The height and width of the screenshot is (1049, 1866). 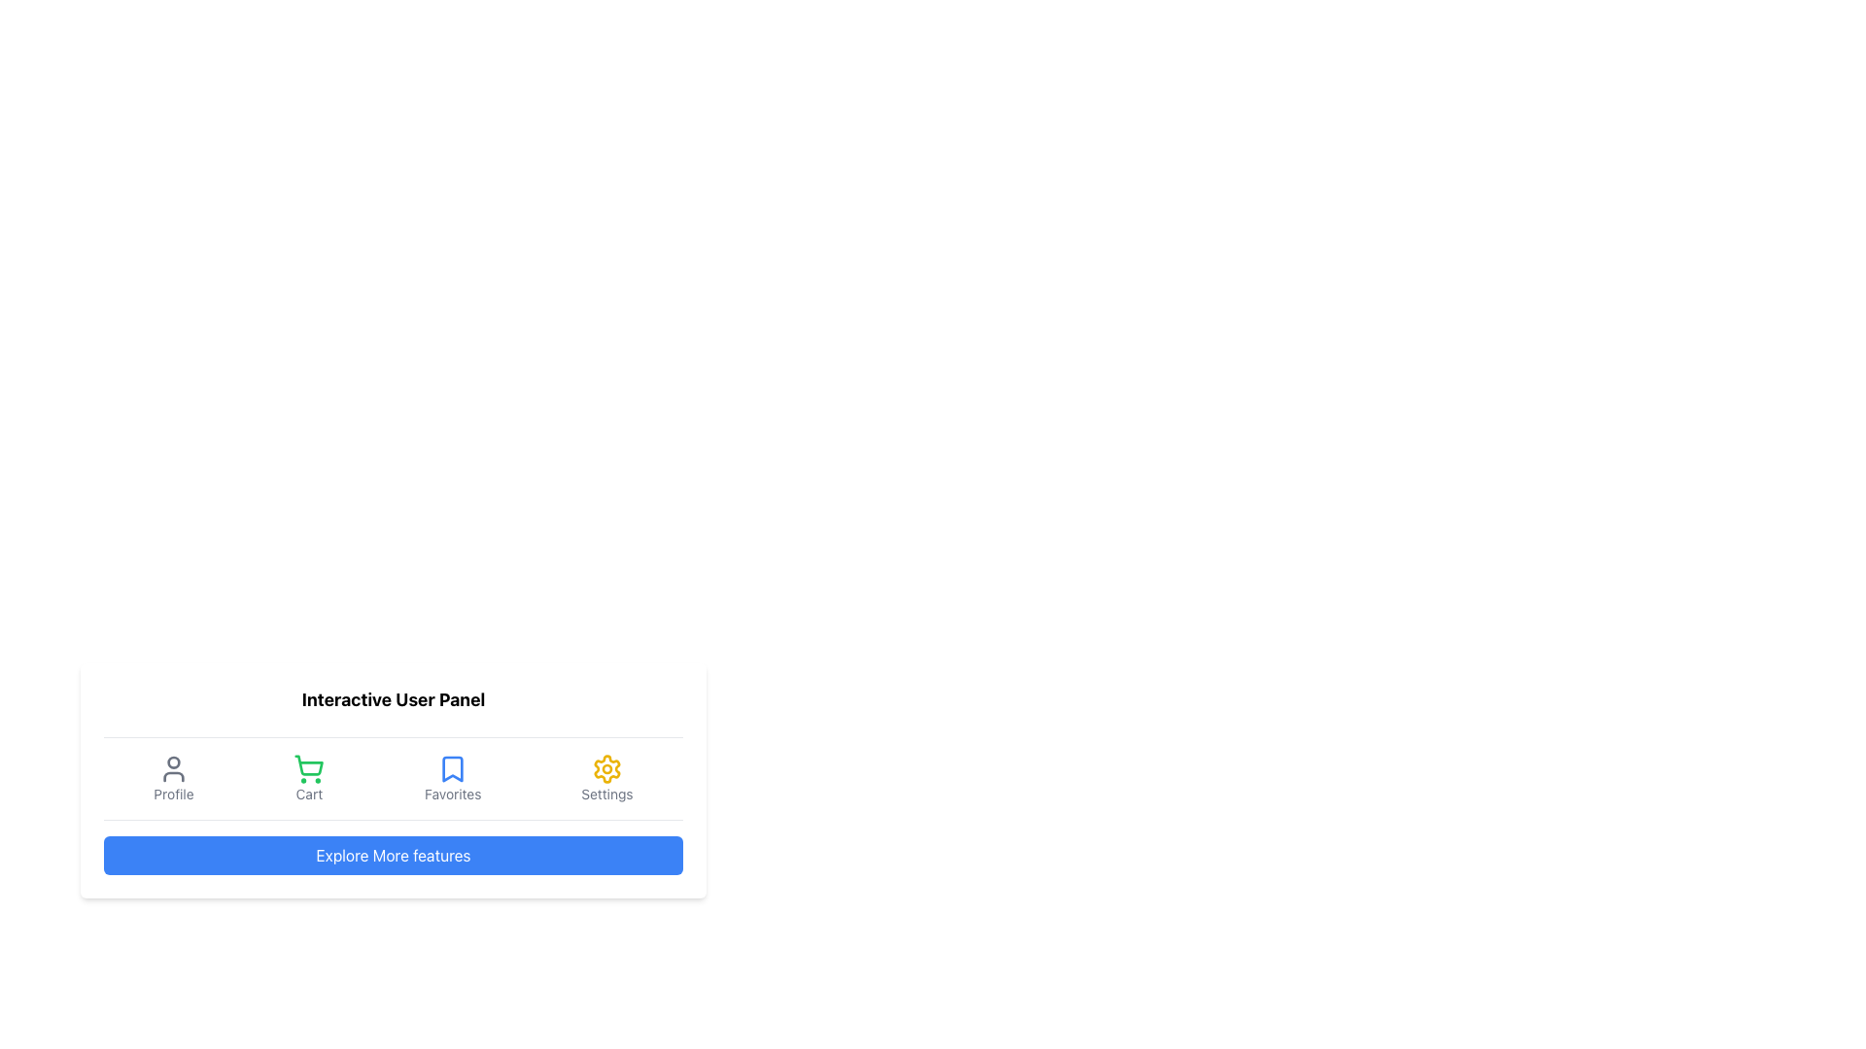 What do you see at coordinates (392, 700) in the screenshot?
I see `the text label displaying 'Interactive User Panel', which is centrally located at the top of its card-like section` at bounding box center [392, 700].